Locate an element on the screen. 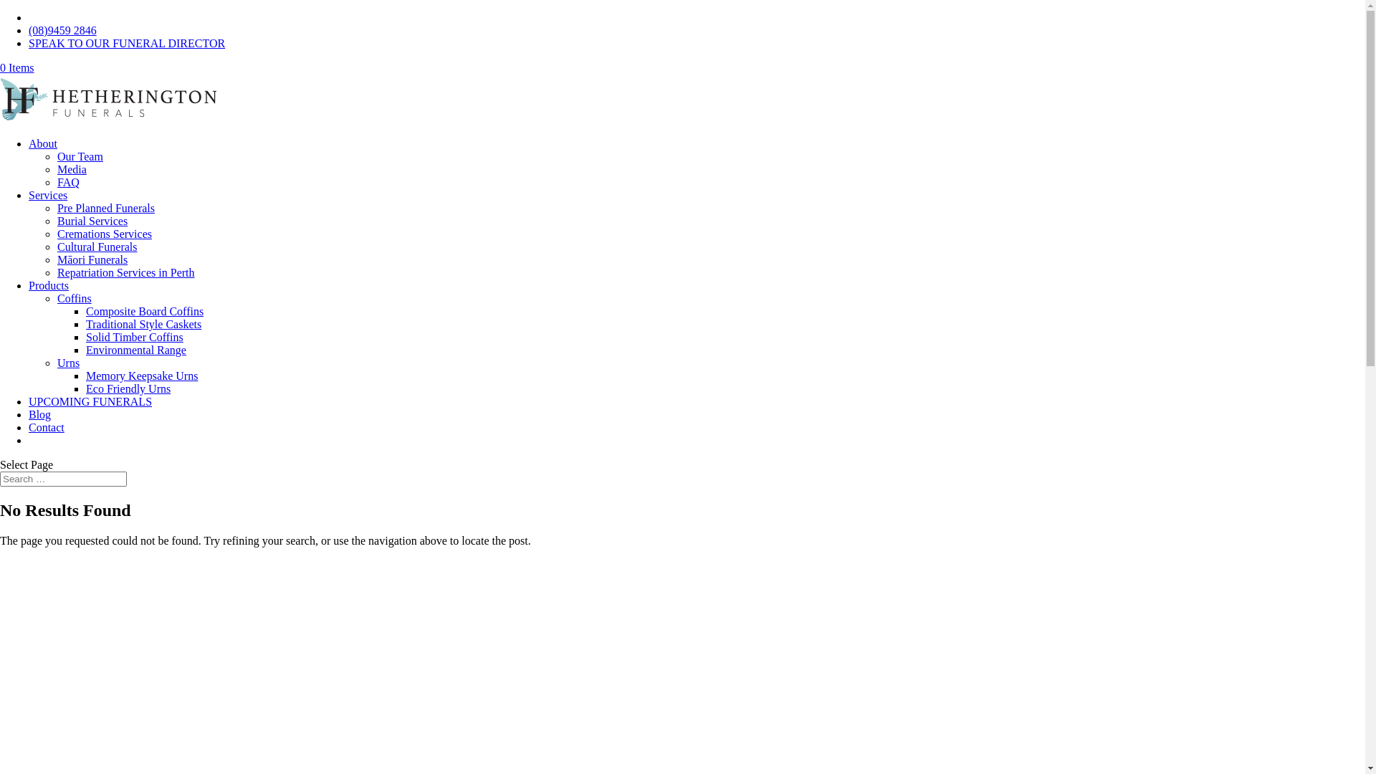 This screenshot has width=1376, height=774. 'Services' is located at coordinates (48, 195).